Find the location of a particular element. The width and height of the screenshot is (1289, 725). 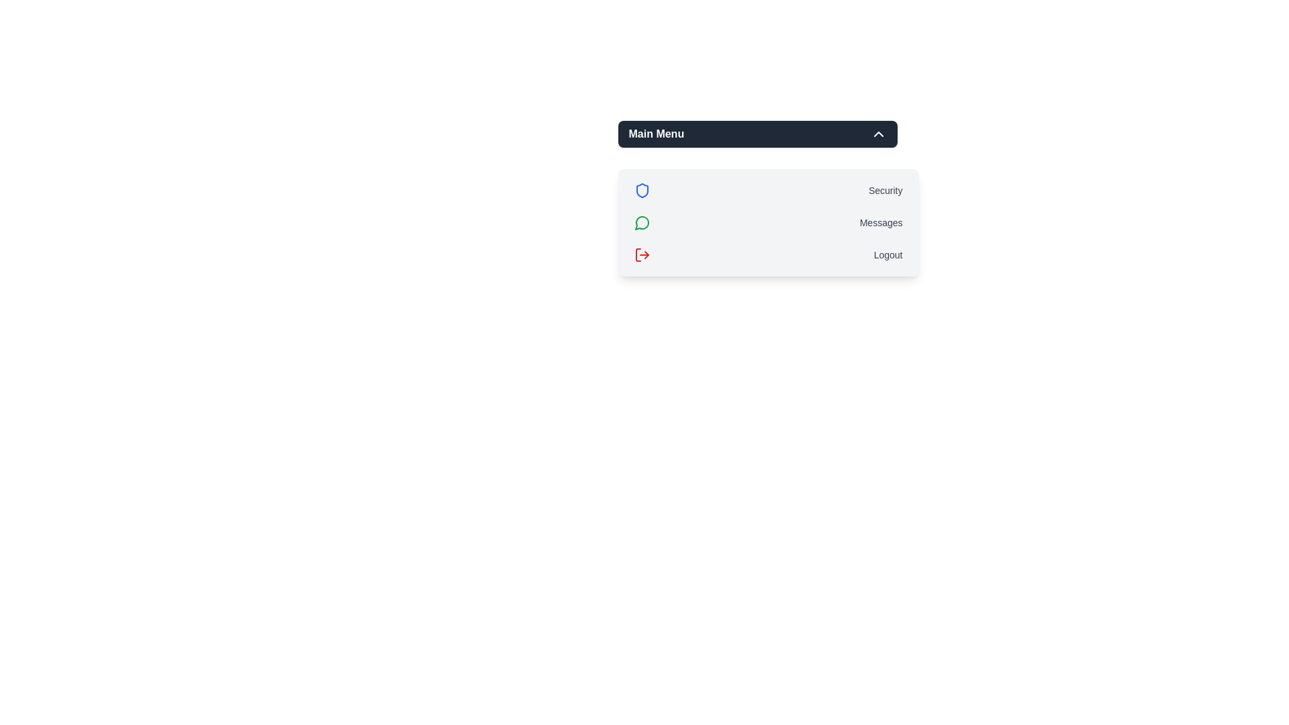

the 'Main Menu' text label displayed in bold white font within the dark rectangular header located is located at coordinates (656, 134).